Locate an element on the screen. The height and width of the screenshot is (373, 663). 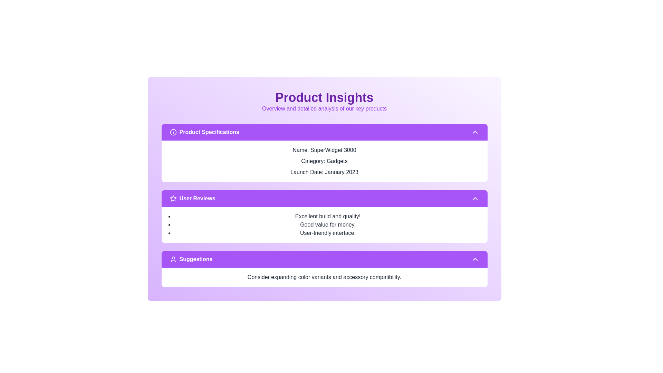
the Chevron Up icon located in the top-right corner of the 'Product Specifications' section header to collapse the section is located at coordinates (474, 132).